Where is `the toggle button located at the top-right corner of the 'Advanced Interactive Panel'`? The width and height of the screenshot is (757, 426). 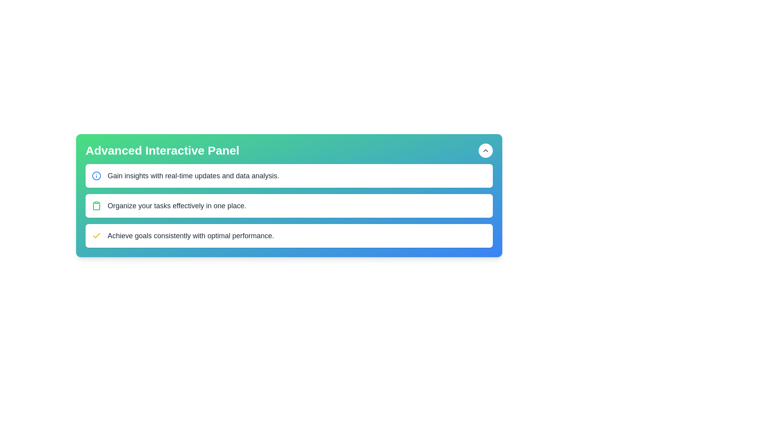
the toggle button located at the top-right corner of the 'Advanced Interactive Panel' is located at coordinates (485, 150).